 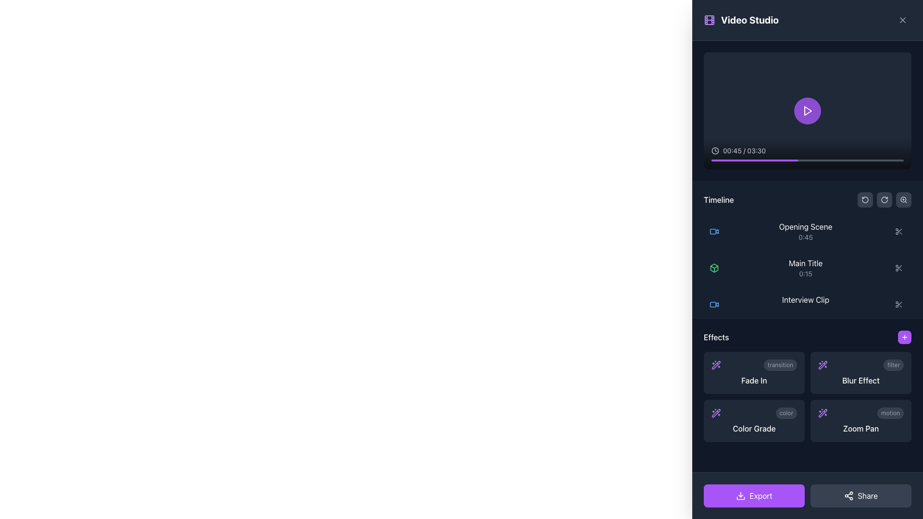 What do you see at coordinates (898, 232) in the screenshot?
I see `the scissors icon located in the right-side controls under the 'Timeline' section` at bounding box center [898, 232].